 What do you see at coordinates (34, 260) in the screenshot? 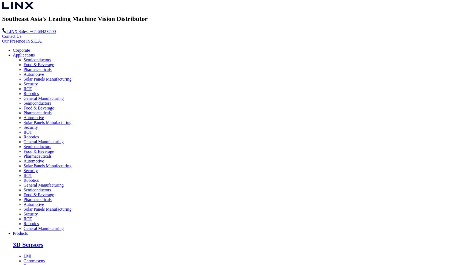
I see `'Chromasens'` at bounding box center [34, 260].